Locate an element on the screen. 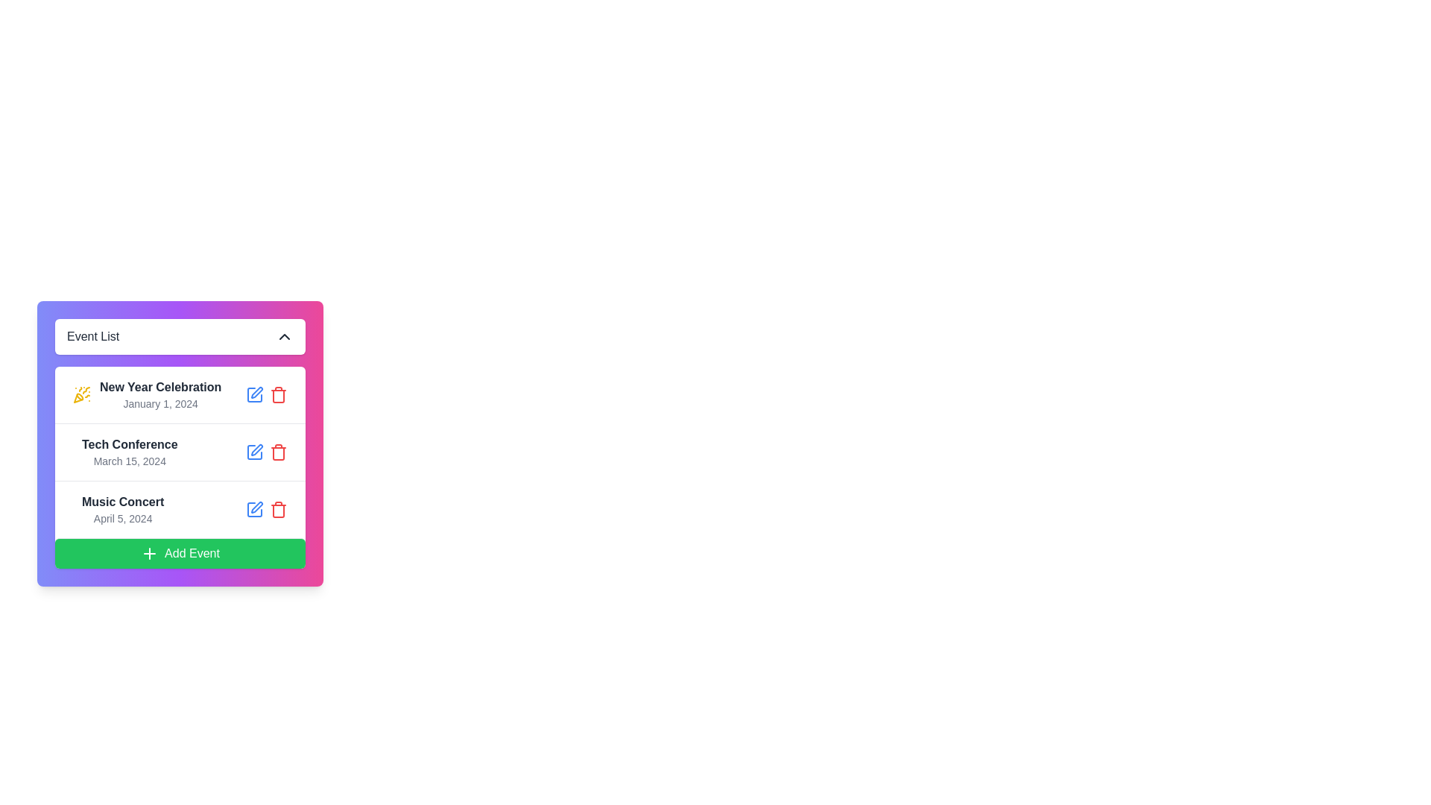 The image size is (1431, 805). the edit icon located on the second row of the Event List interface, next to the delete icon is located at coordinates (254, 394).